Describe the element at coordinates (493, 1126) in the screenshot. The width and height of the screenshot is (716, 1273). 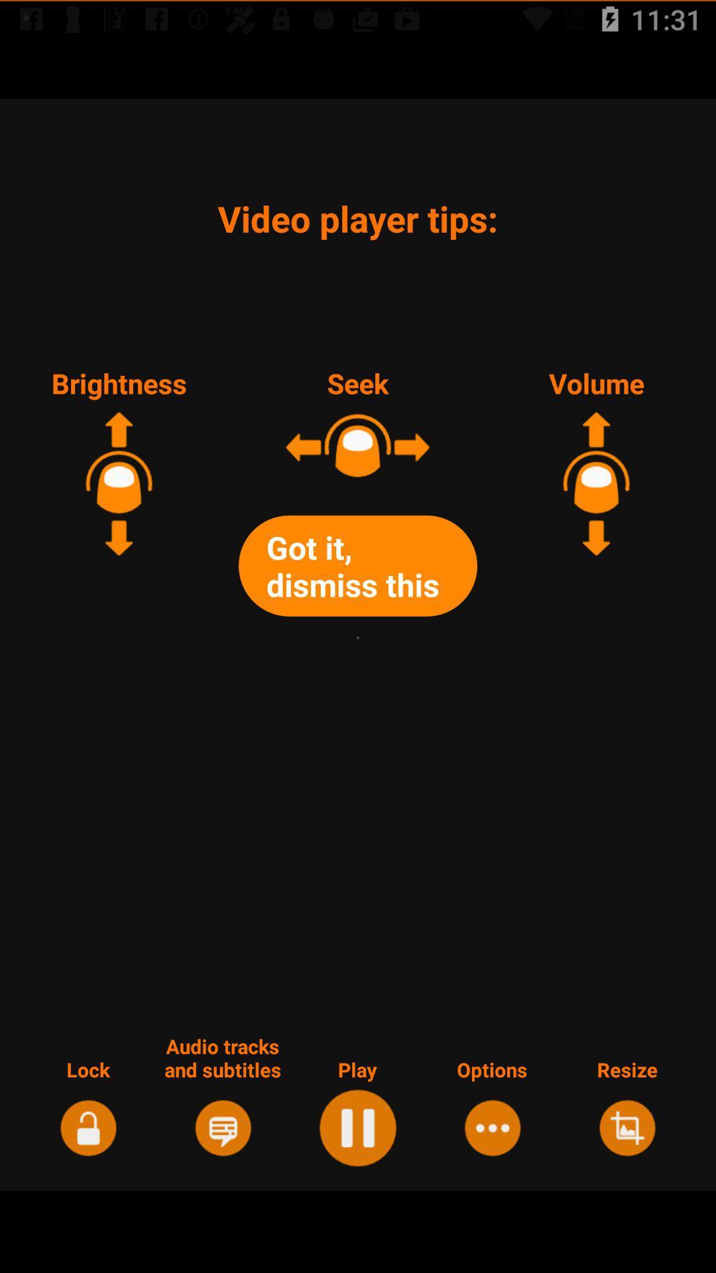
I see `the icon under the text options` at that location.